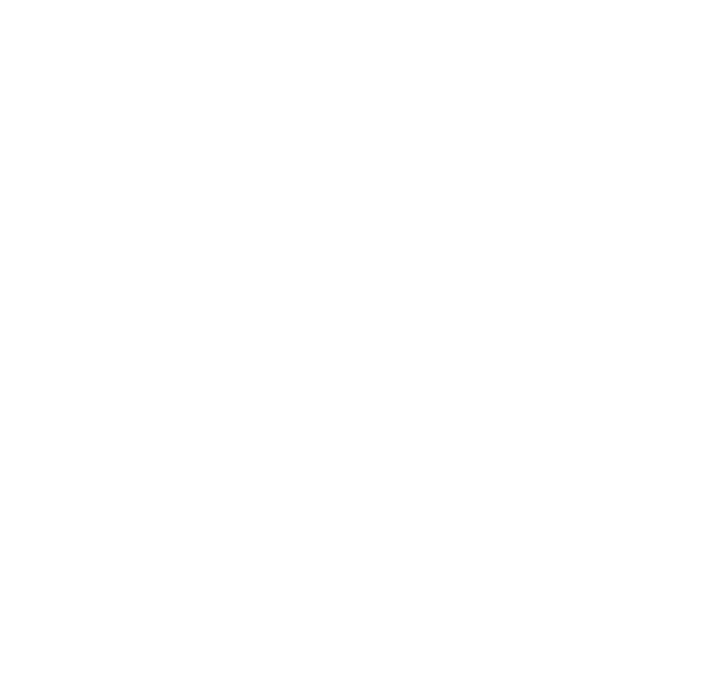 This screenshot has width=711, height=681. What do you see at coordinates (475, 399) in the screenshot?
I see `'Call, email, and communicate with Desi...'` at bounding box center [475, 399].